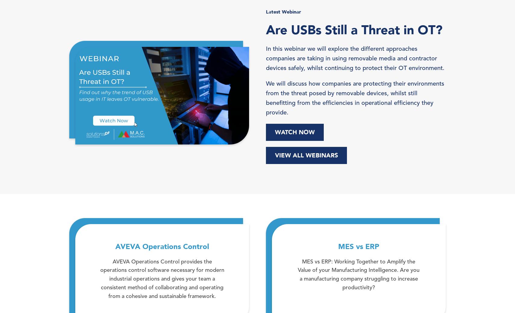 Image resolution: width=515 pixels, height=313 pixels. I want to click on 'We will discuss how companies are protecting their environments from the threat posed by removable devices, whilst still benefitting from the efficiencies in operational efficiency they provide.', so click(354, 99).